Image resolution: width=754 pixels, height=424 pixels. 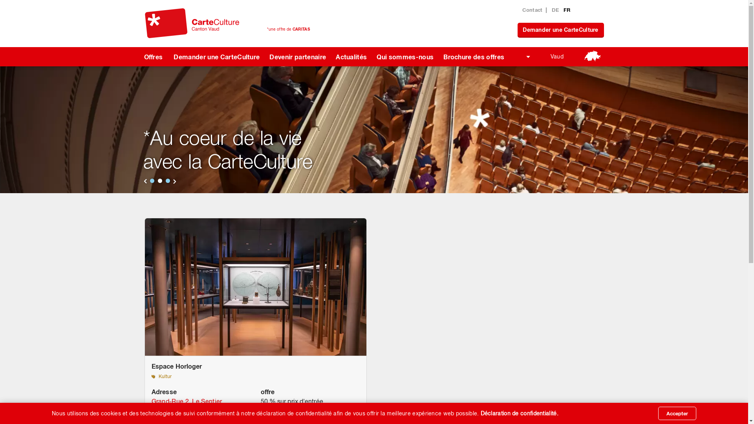 I want to click on 'Offres', so click(x=136, y=56).